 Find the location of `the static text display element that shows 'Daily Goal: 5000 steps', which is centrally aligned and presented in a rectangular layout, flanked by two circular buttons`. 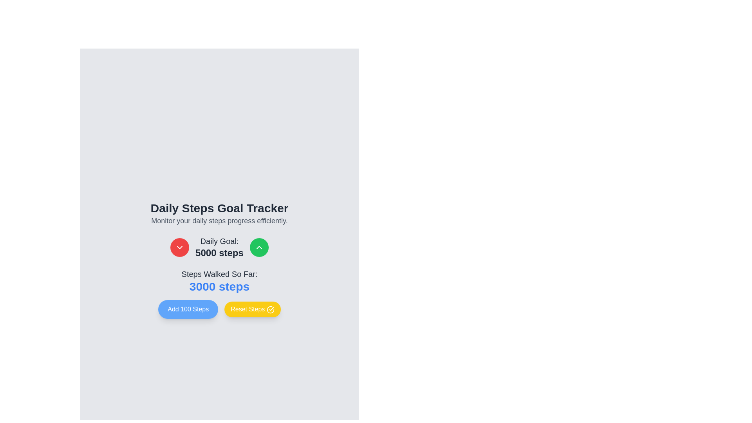

the static text display element that shows 'Daily Goal: 5000 steps', which is centrally aligned and presented in a rectangular layout, flanked by two circular buttons is located at coordinates (219, 248).